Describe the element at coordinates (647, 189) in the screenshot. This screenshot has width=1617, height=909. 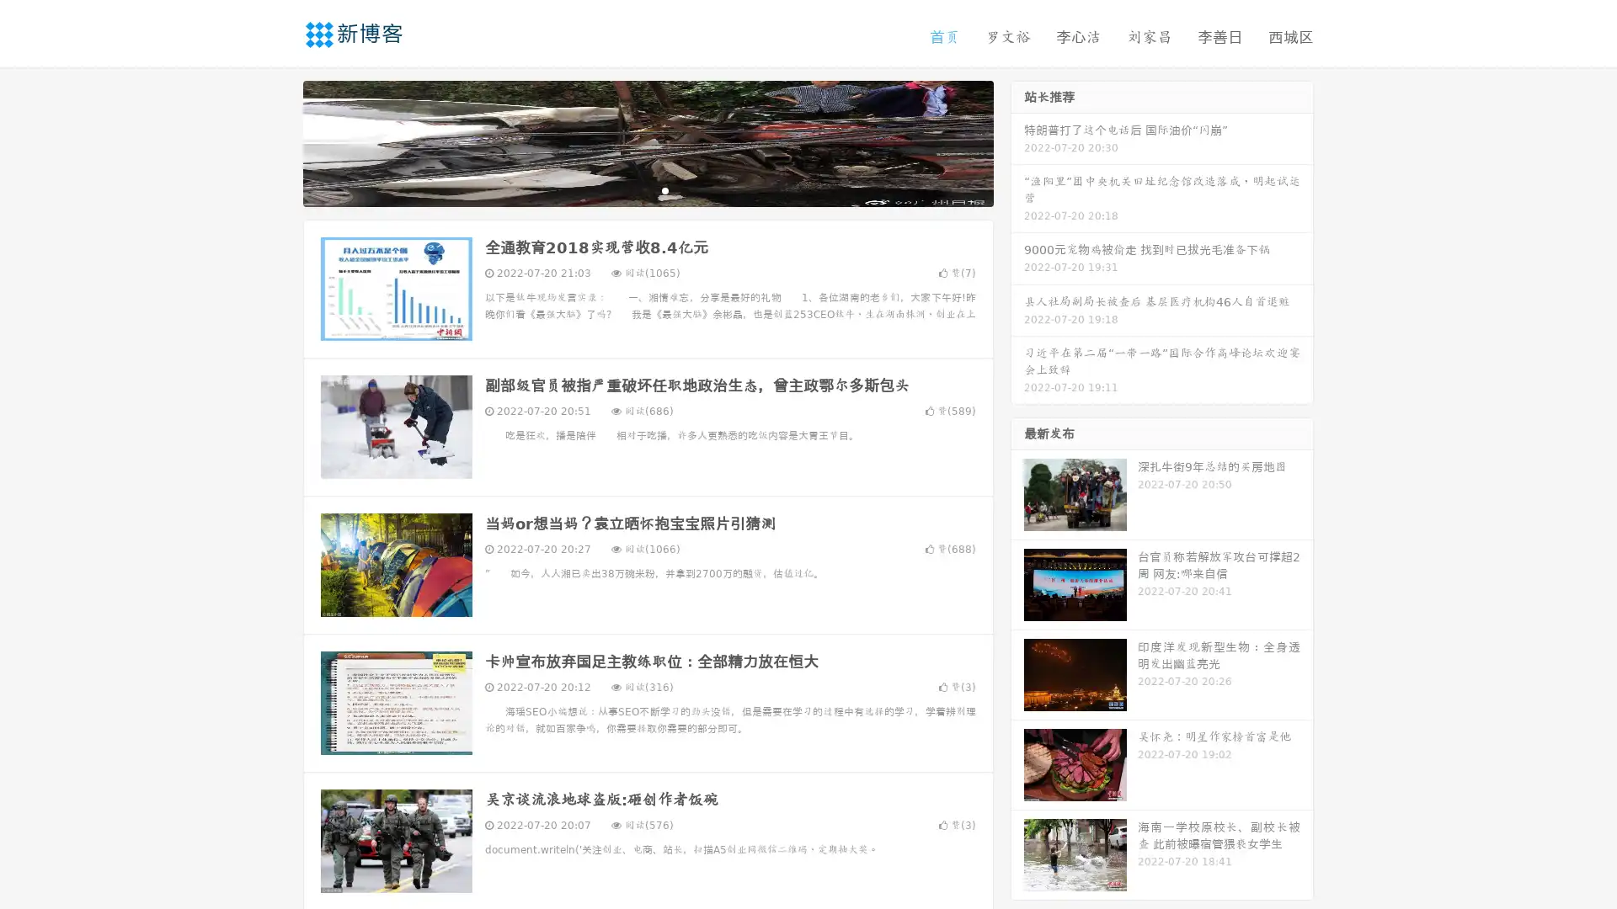
I see `Go to slide 2` at that location.